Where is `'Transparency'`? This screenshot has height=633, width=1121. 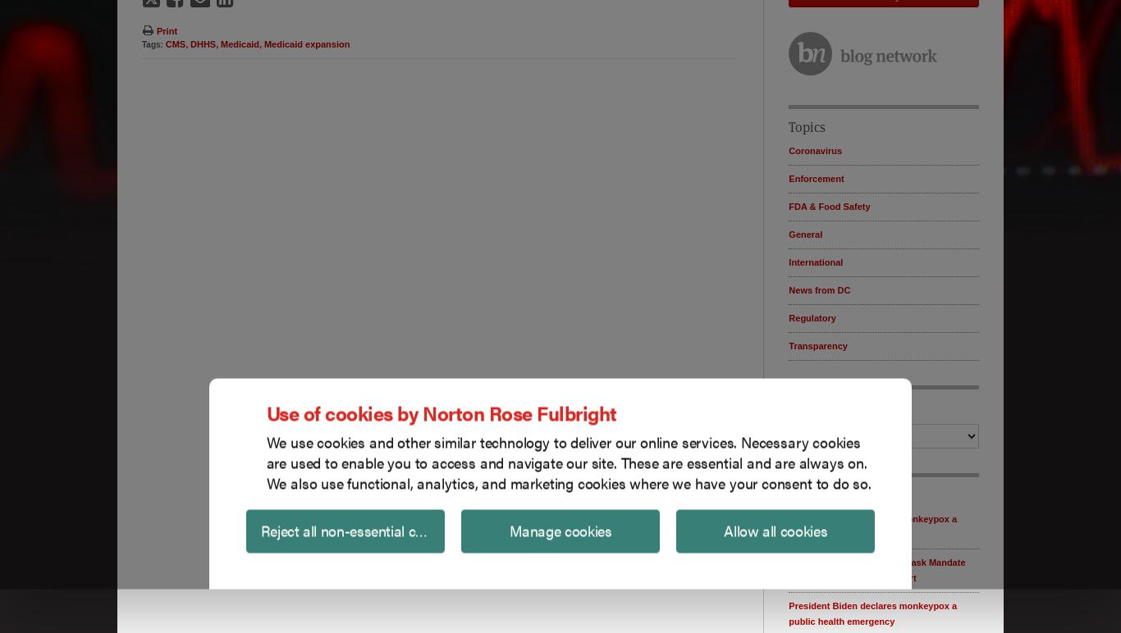
'Transparency' is located at coordinates (817, 344).